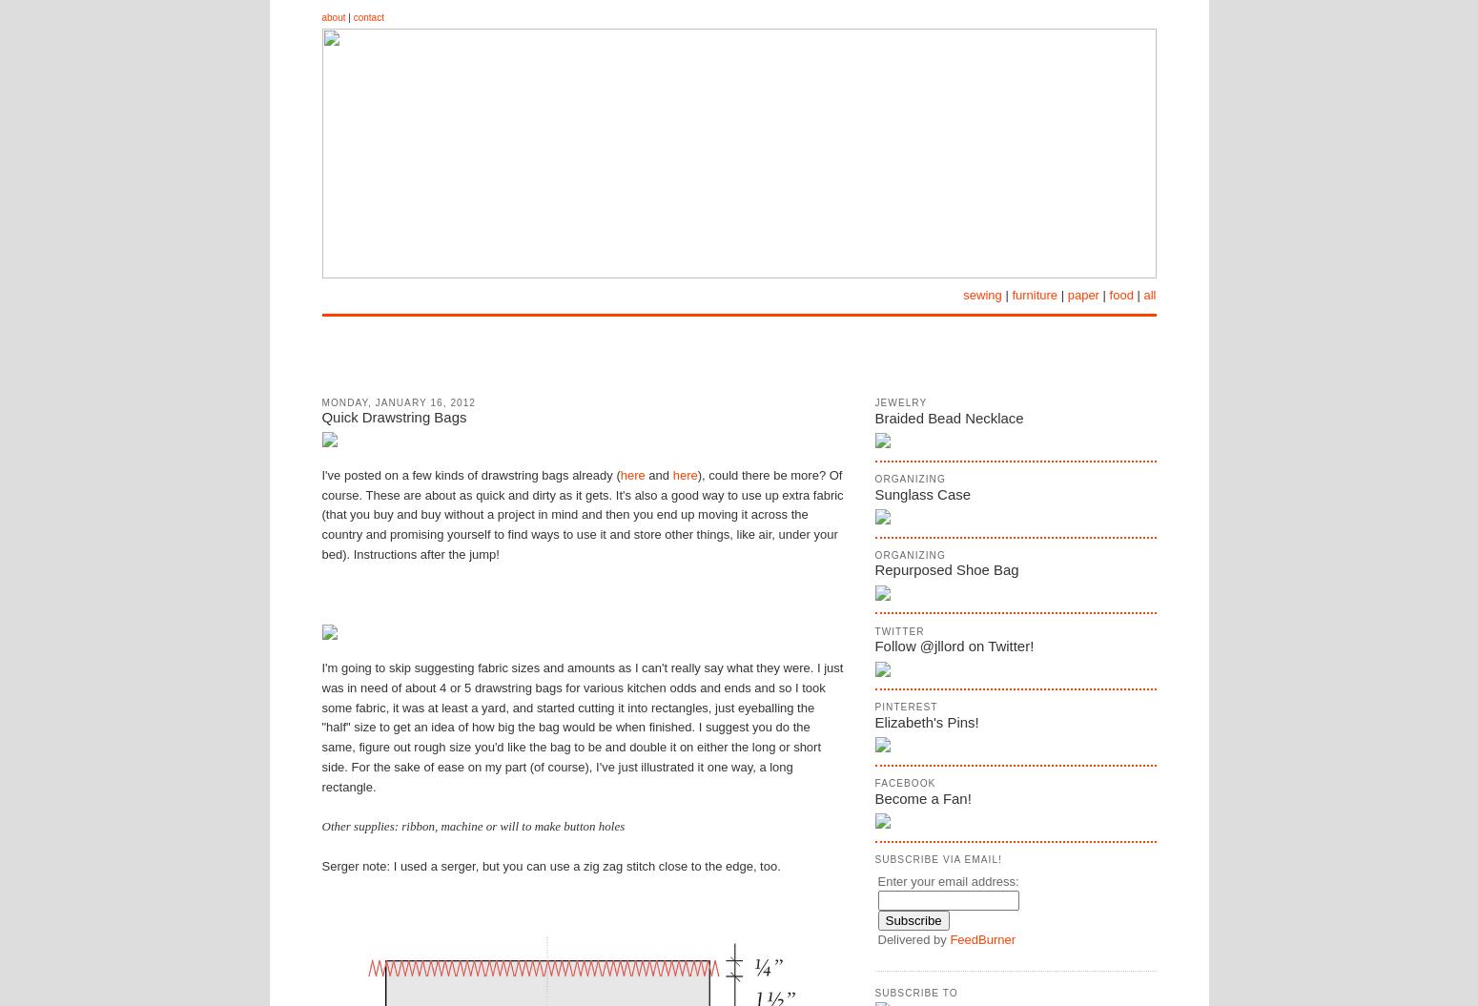  I want to click on 'Subscribe via eMail!', so click(936, 858).